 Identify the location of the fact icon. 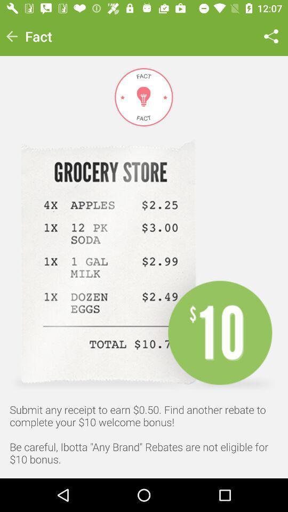
(38, 36).